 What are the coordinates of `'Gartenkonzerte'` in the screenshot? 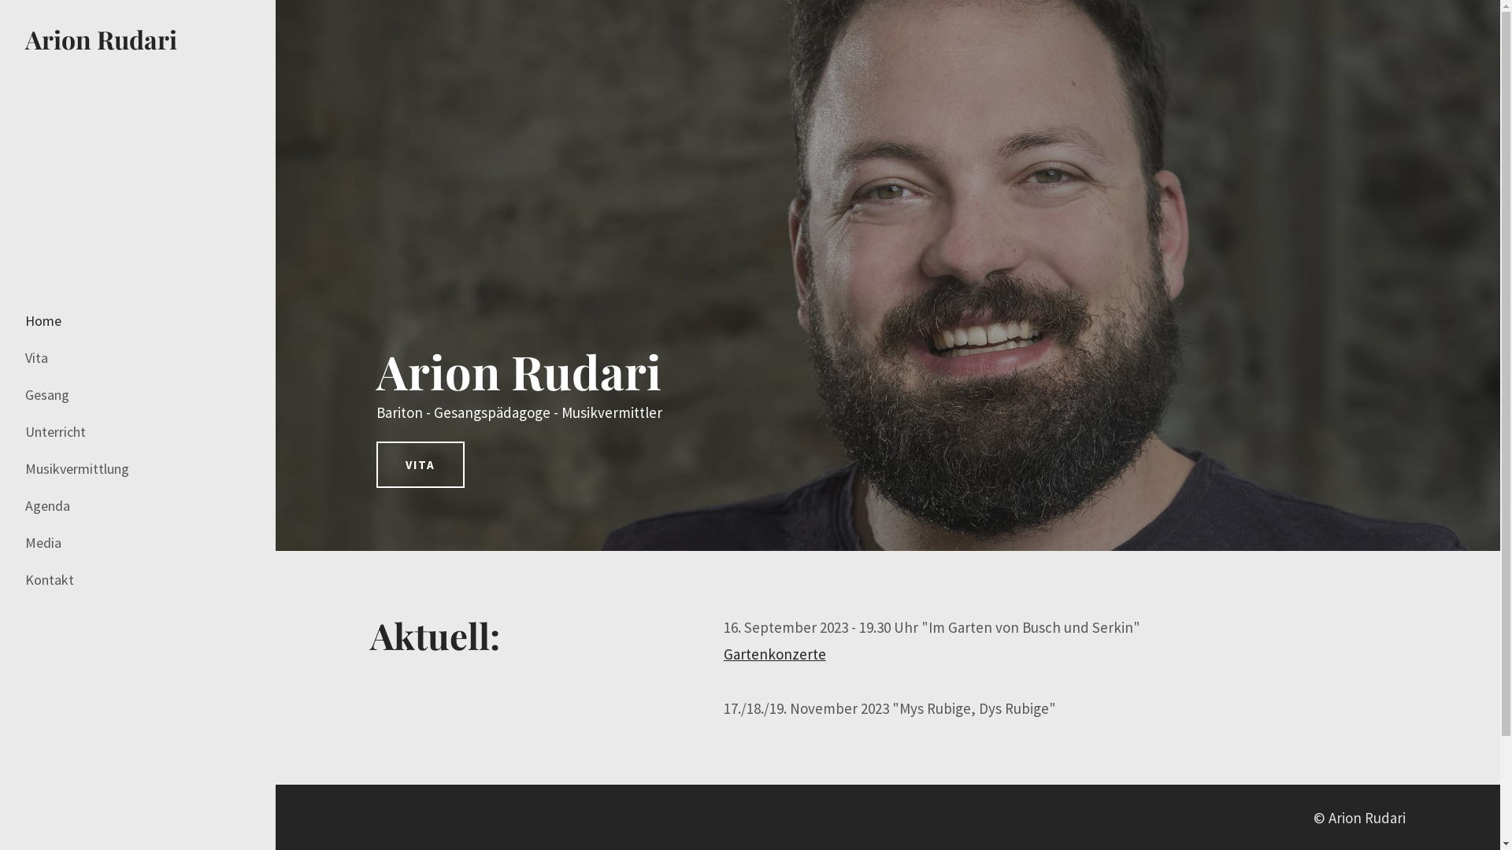 It's located at (774, 653).